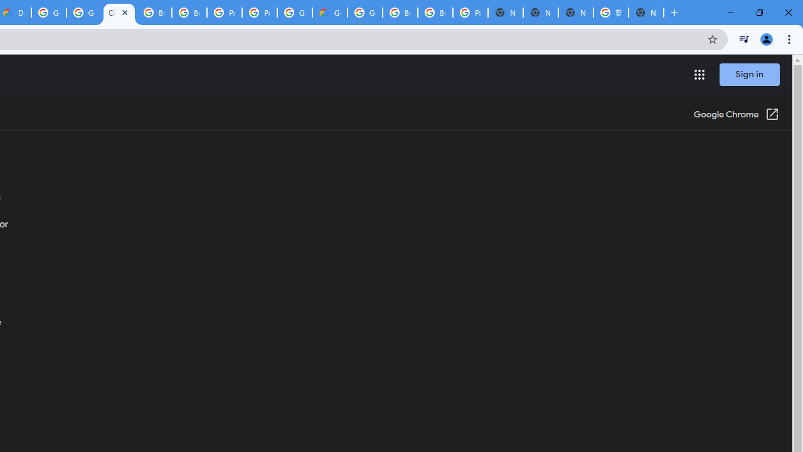 Image resolution: width=803 pixels, height=452 pixels. What do you see at coordinates (364, 13) in the screenshot?
I see `'Google Cloud Platform'` at bounding box center [364, 13].